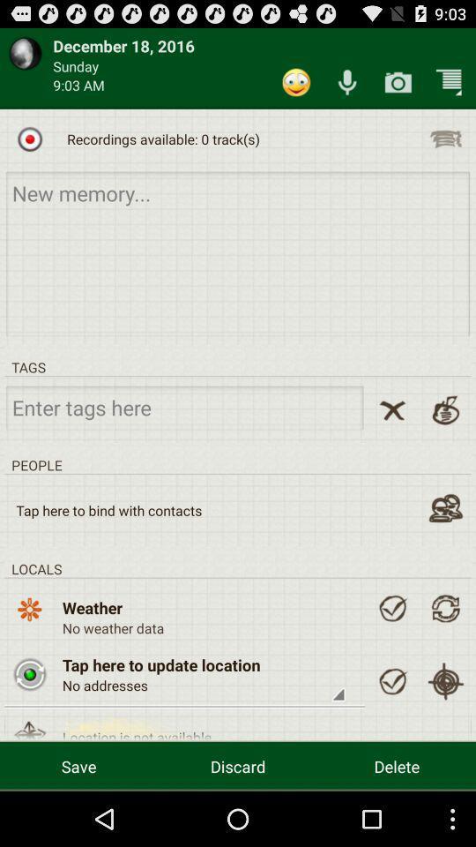  I want to click on click te recording list, so click(444, 138).